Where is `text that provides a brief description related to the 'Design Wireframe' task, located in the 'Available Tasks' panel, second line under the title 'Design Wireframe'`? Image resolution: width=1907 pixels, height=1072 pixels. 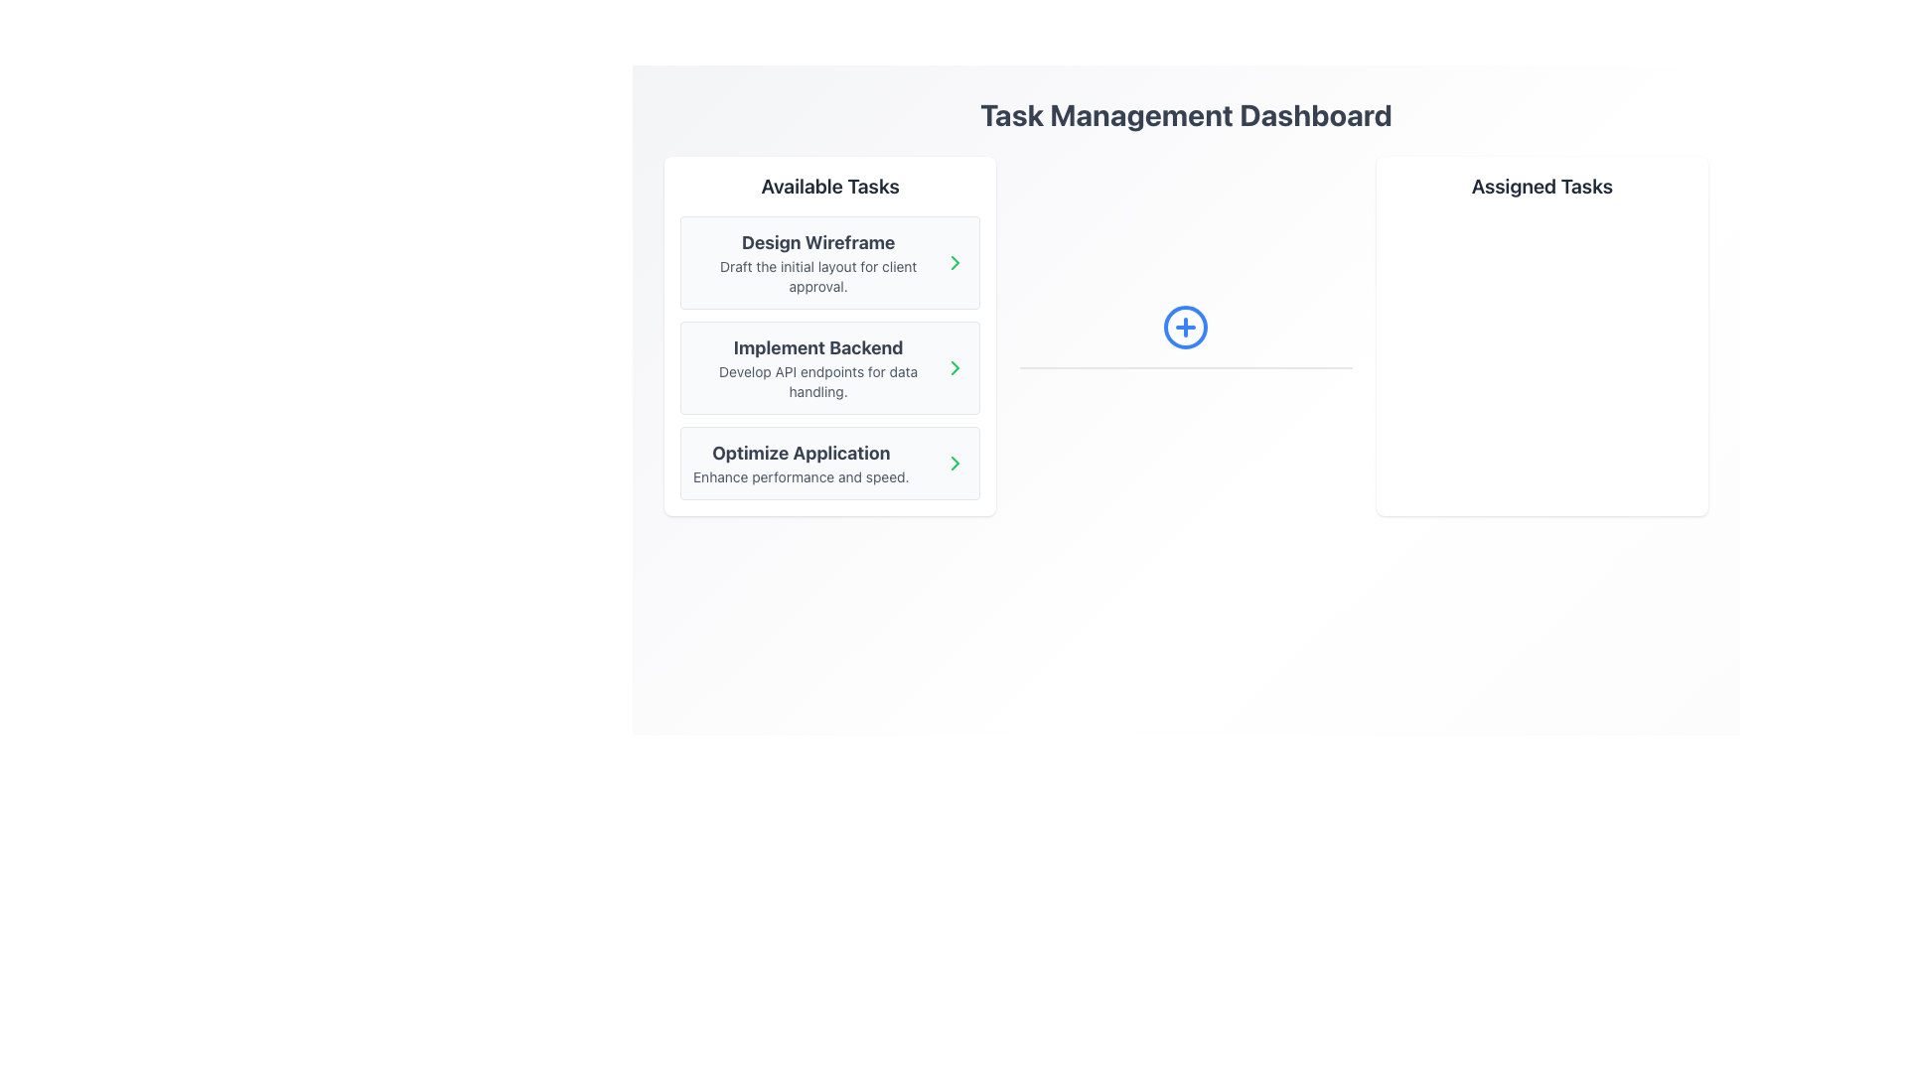
text that provides a brief description related to the 'Design Wireframe' task, located in the 'Available Tasks' panel, second line under the title 'Design Wireframe' is located at coordinates (818, 276).